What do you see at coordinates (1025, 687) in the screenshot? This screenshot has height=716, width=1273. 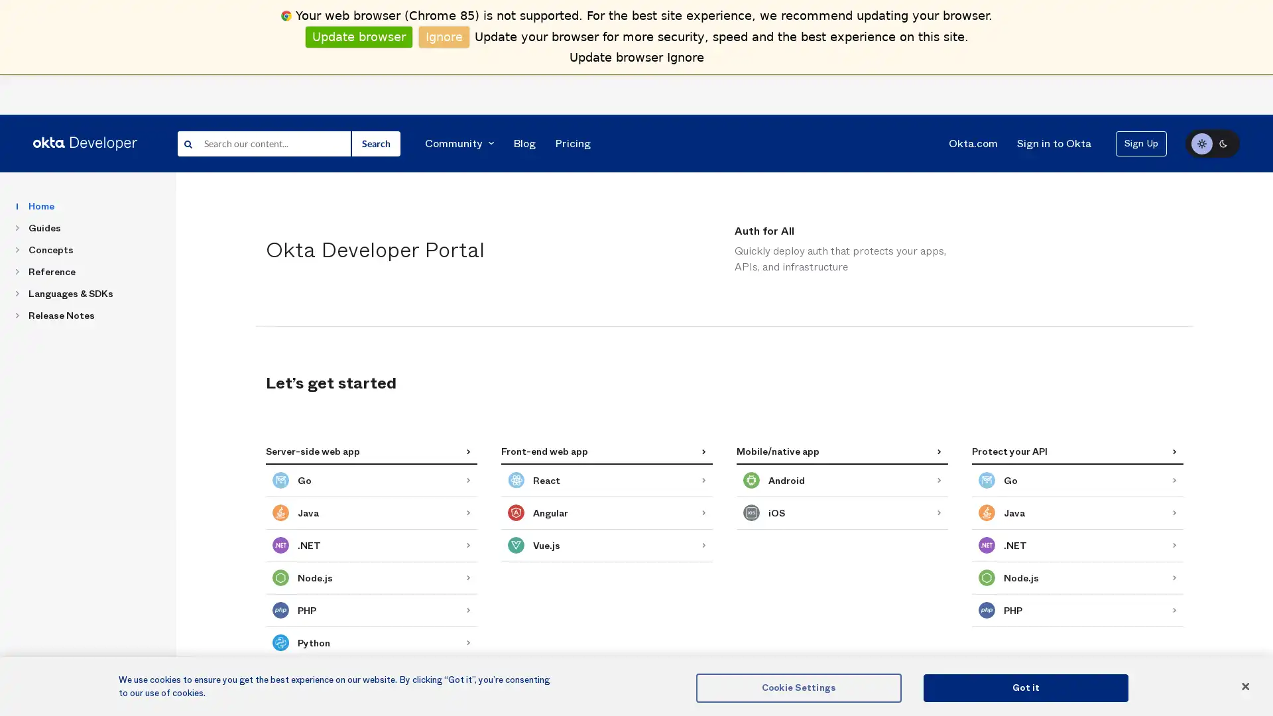 I see `Got it` at bounding box center [1025, 687].